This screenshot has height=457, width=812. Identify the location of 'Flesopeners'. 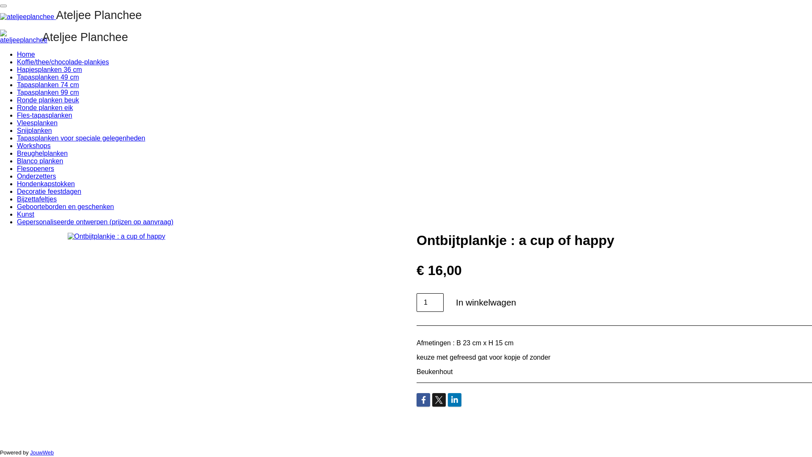
(35, 168).